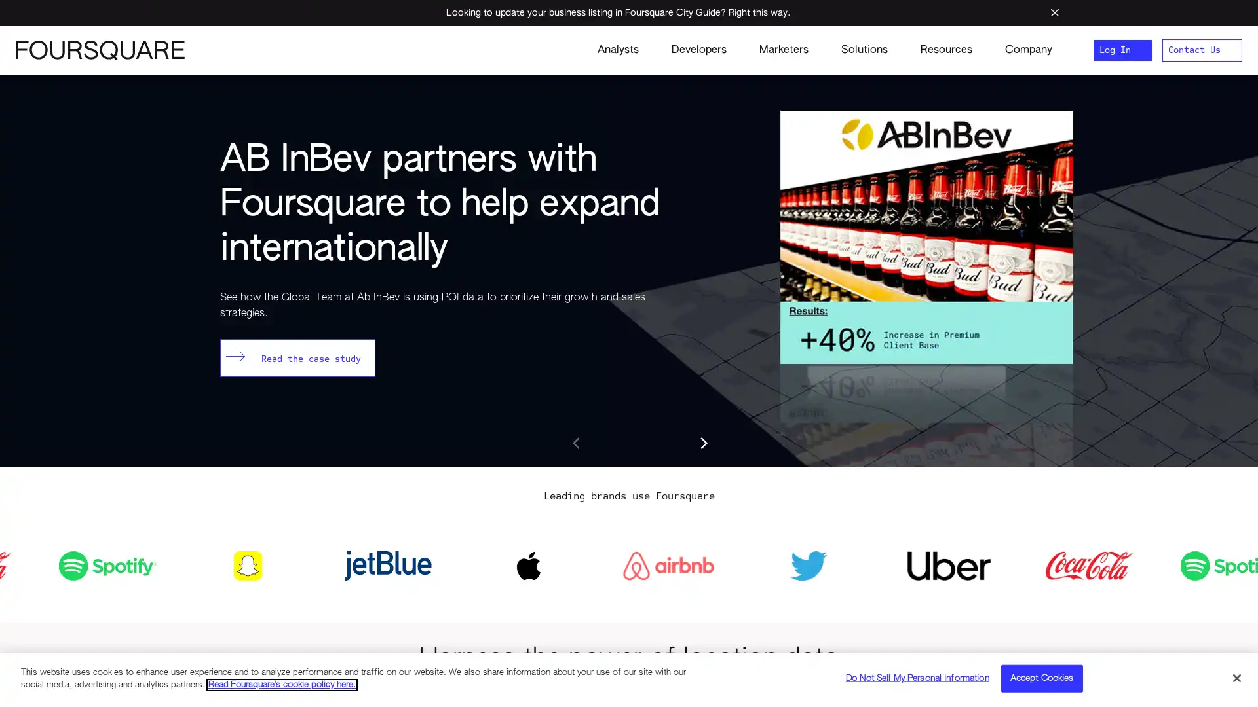  What do you see at coordinates (784, 50) in the screenshot?
I see `Marketers` at bounding box center [784, 50].